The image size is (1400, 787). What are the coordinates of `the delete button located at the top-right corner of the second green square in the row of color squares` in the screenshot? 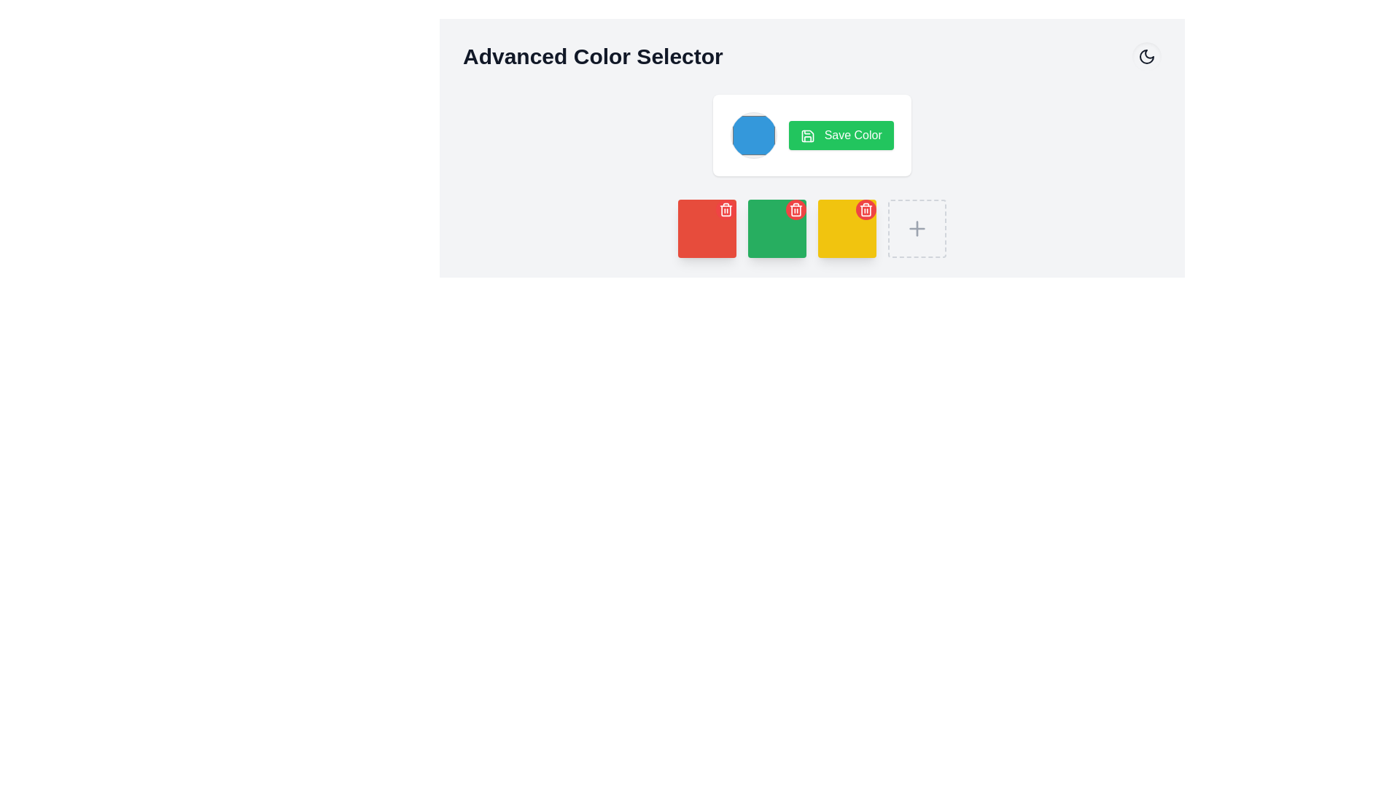 It's located at (795, 210).